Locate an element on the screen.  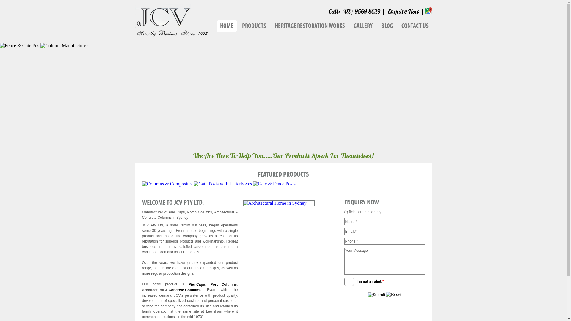
'I'm not a robot *' is located at coordinates (344, 281).